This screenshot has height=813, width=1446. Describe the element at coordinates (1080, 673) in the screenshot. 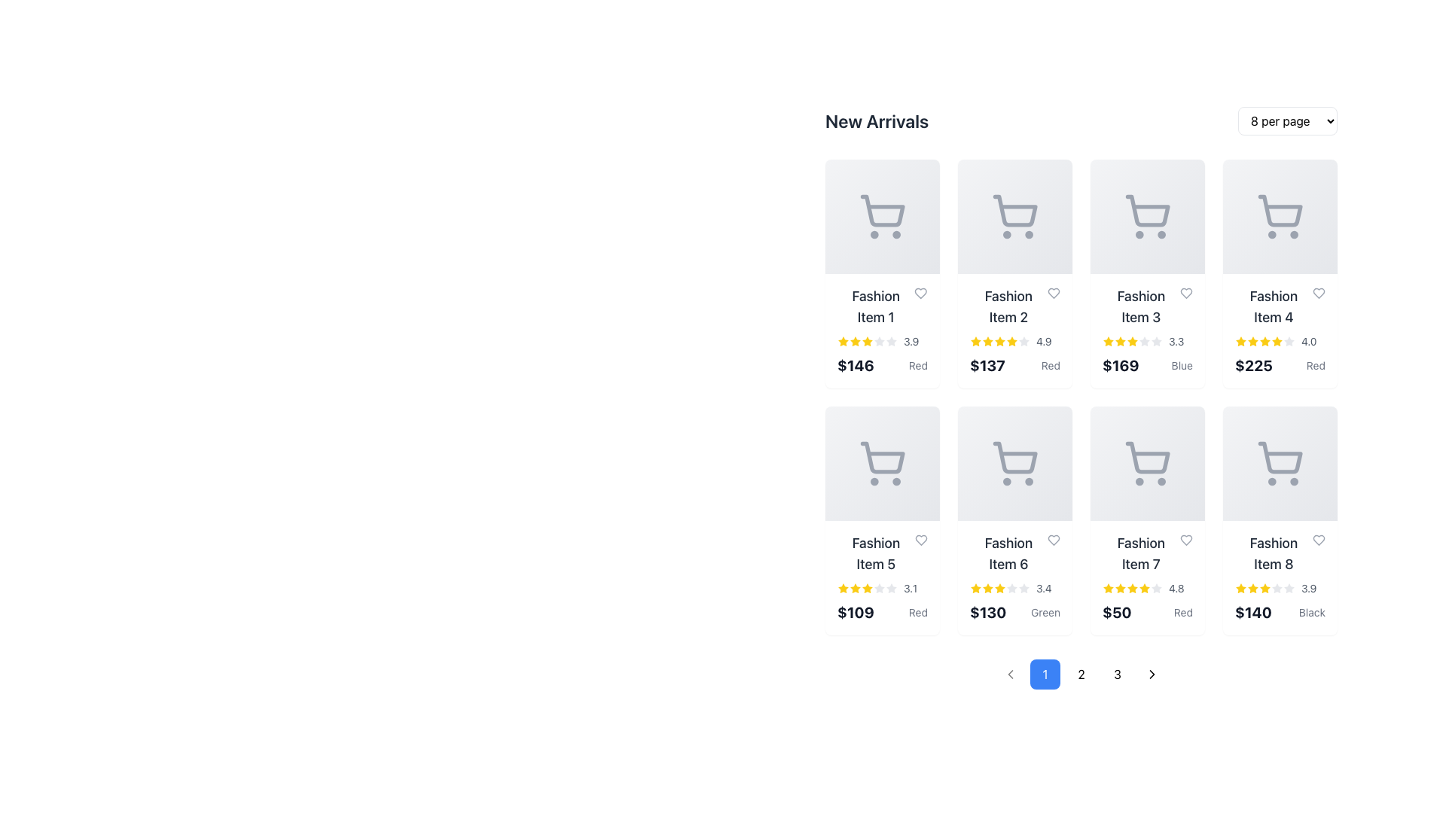

I see `the second pagination button located beneath the product grid to navigate to the second page of the product listing` at that location.